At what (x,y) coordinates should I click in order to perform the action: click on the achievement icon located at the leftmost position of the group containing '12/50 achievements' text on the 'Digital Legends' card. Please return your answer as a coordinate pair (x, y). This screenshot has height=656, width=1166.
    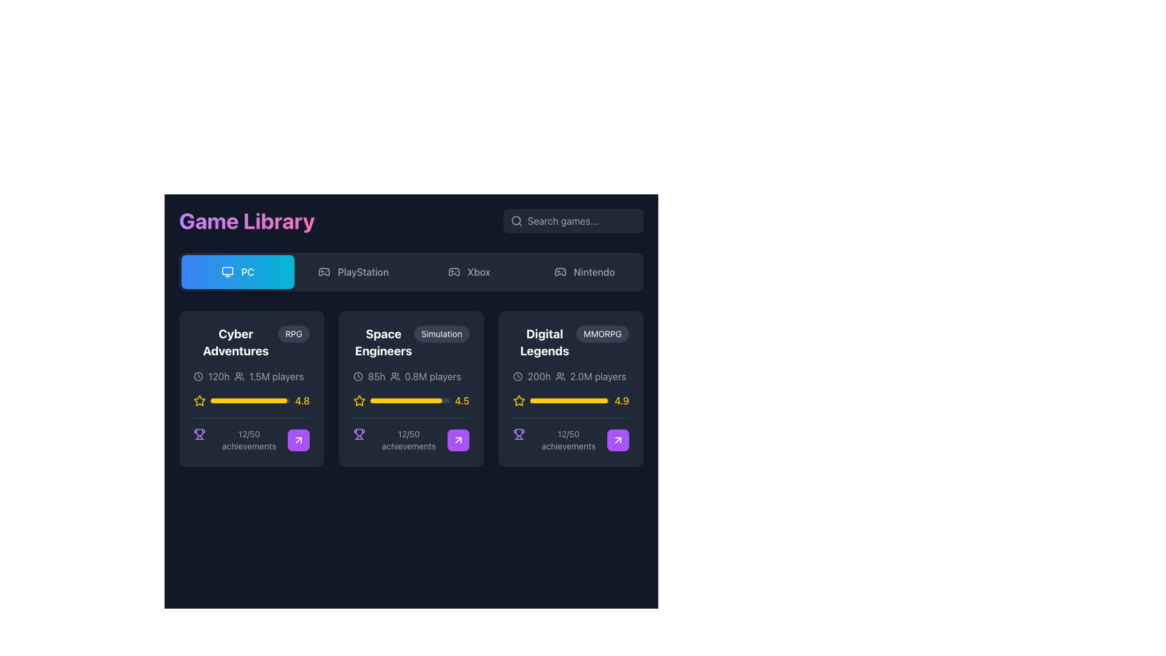
    Looking at the image, I should click on (519, 433).